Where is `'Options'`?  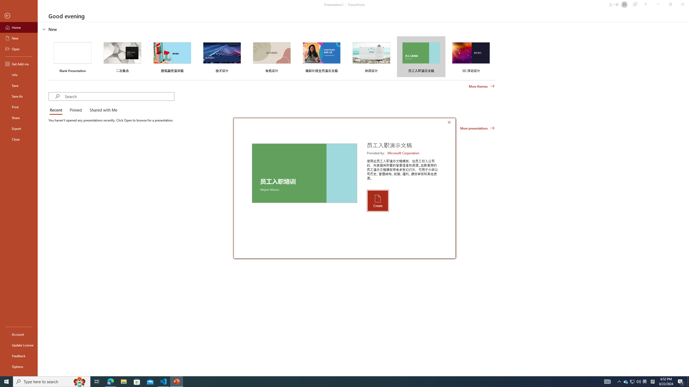 'Options' is located at coordinates (19, 366).